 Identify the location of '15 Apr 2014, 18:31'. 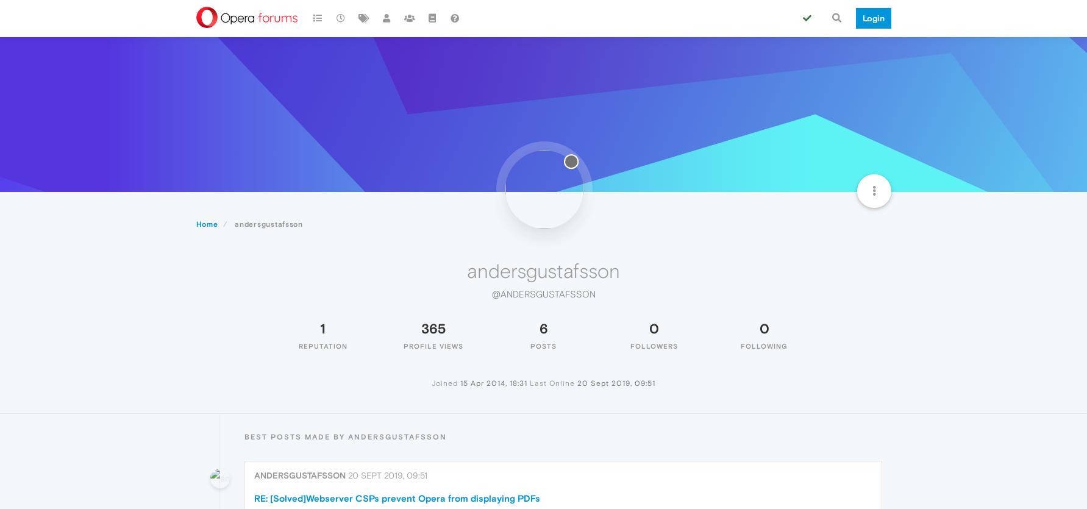
(494, 382).